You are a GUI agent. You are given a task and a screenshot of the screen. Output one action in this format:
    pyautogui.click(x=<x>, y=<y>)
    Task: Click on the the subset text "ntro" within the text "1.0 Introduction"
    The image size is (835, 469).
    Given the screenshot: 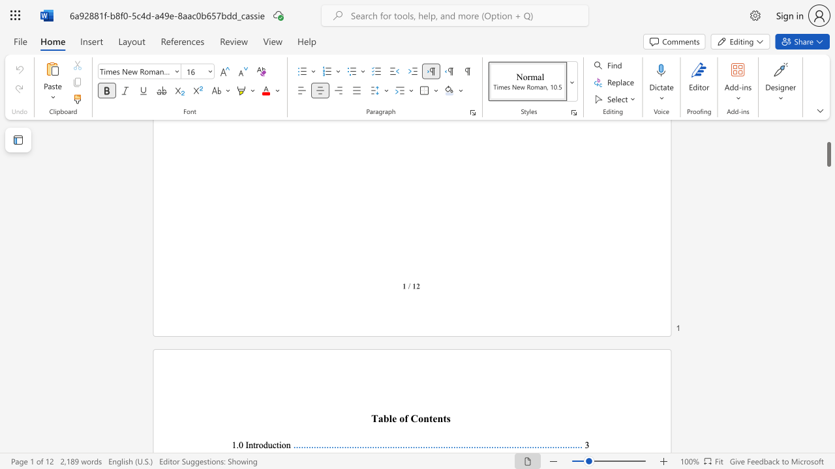 What is the action you would take?
    pyautogui.click(x=249, y=444)
    